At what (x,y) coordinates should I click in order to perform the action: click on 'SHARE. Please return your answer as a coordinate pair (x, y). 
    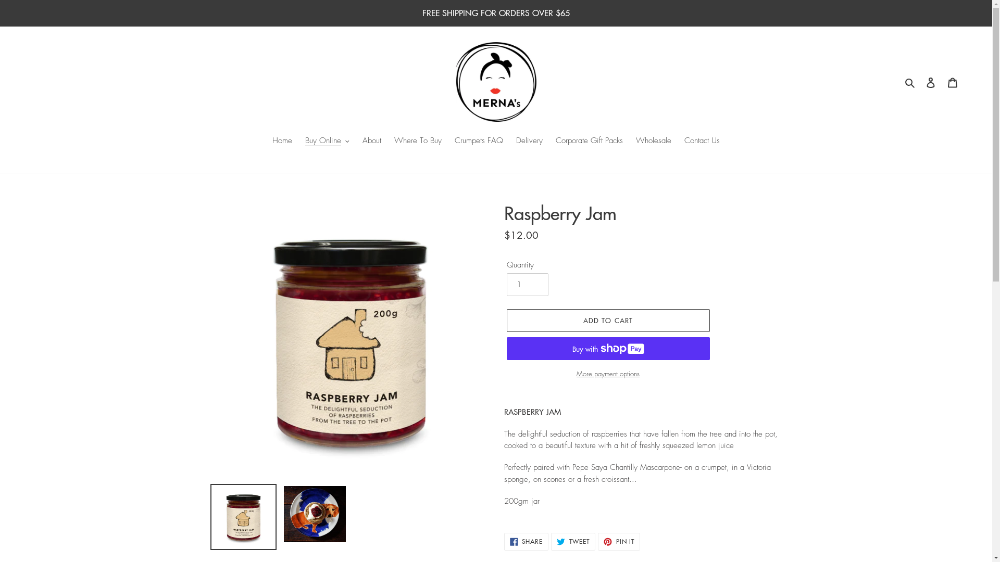
    Looking at the image, I should click on (527, 541).